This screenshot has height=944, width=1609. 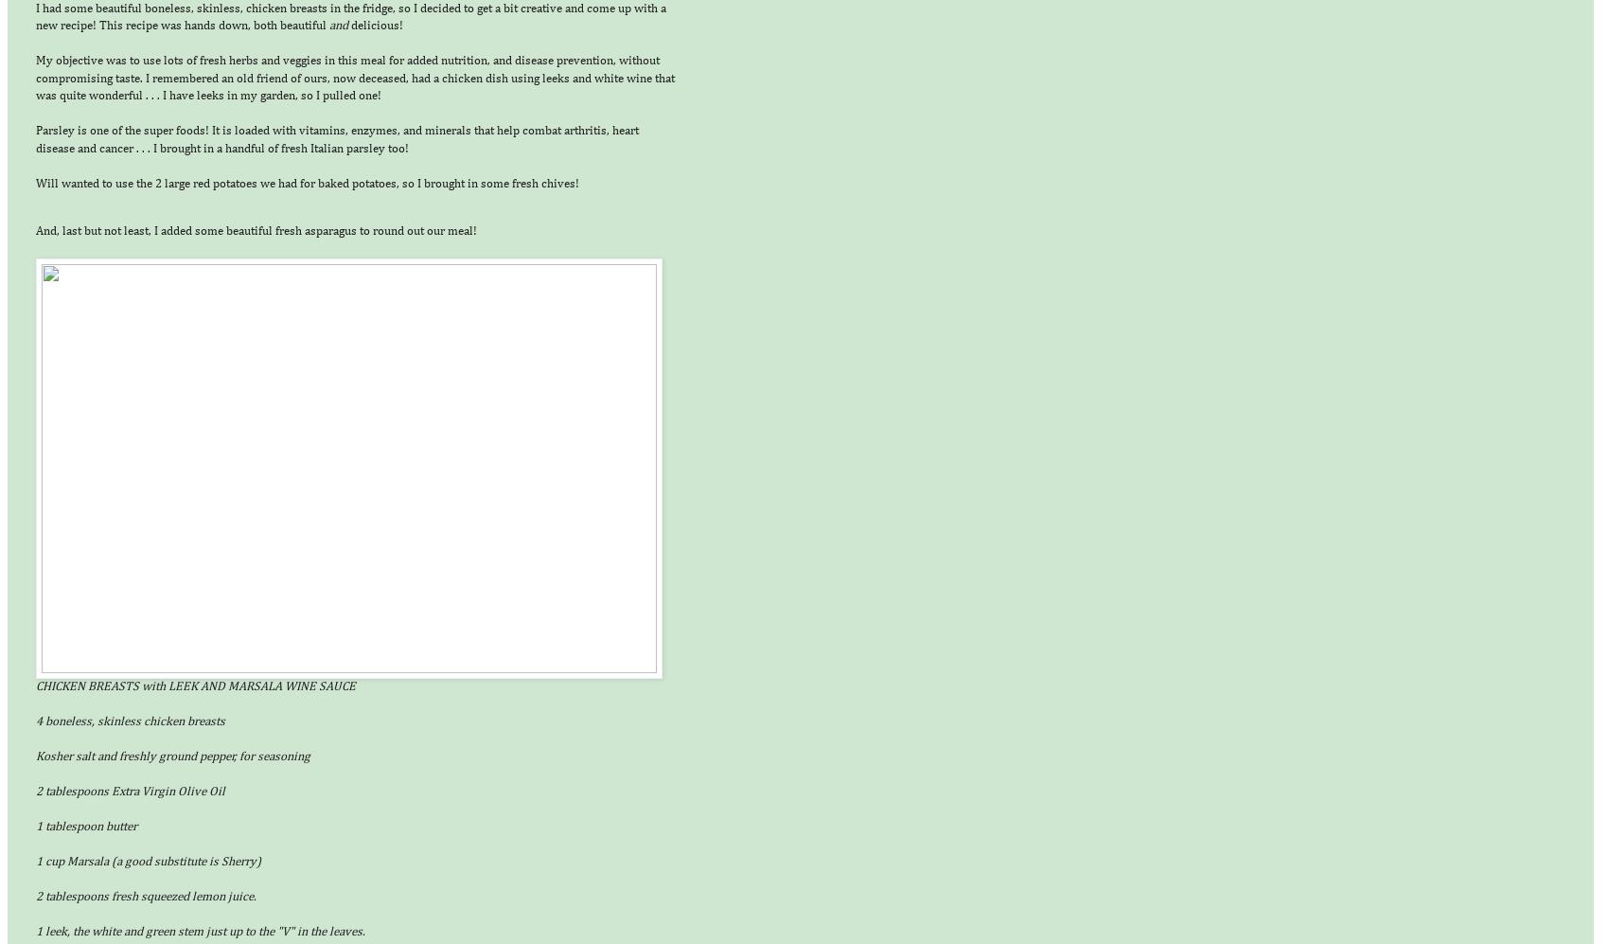 What do you see at coordinates (256, 229) in the screenshot?
I see `'And, last but not least, I added some beautiful fresh asparagus to round out our meal!'` at bounding box center [256, 229].